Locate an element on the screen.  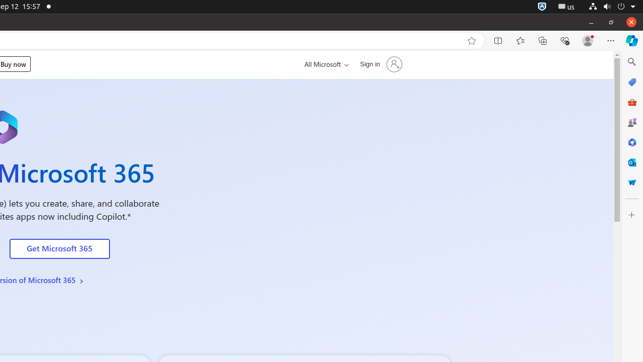
':1.72/StatusNotifierItem' is located at coordinates (542, 7).